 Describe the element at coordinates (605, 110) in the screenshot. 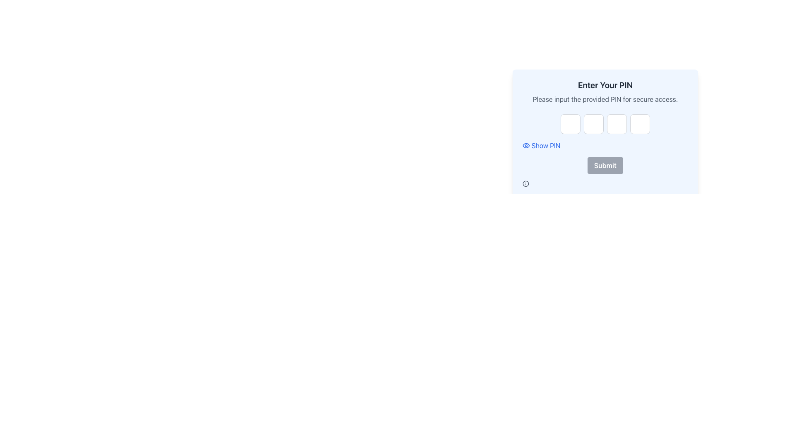

I see `the input field in the modal box` at that location.